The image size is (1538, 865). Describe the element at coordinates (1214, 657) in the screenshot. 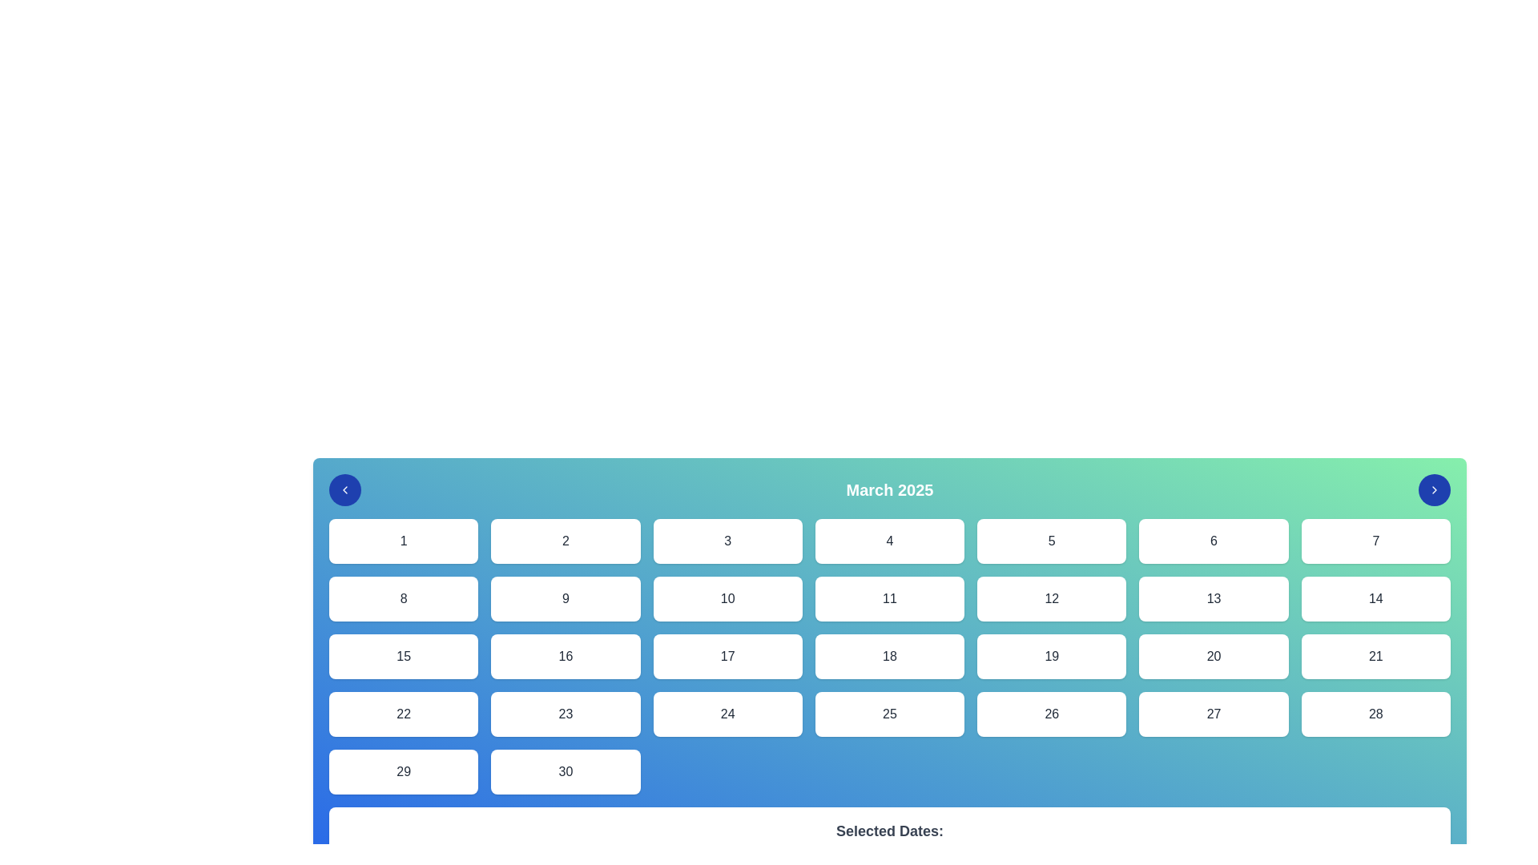

I see `the rounded rectangular button labeled '20' in the third row and sixth column of the calendar layout` at that location.